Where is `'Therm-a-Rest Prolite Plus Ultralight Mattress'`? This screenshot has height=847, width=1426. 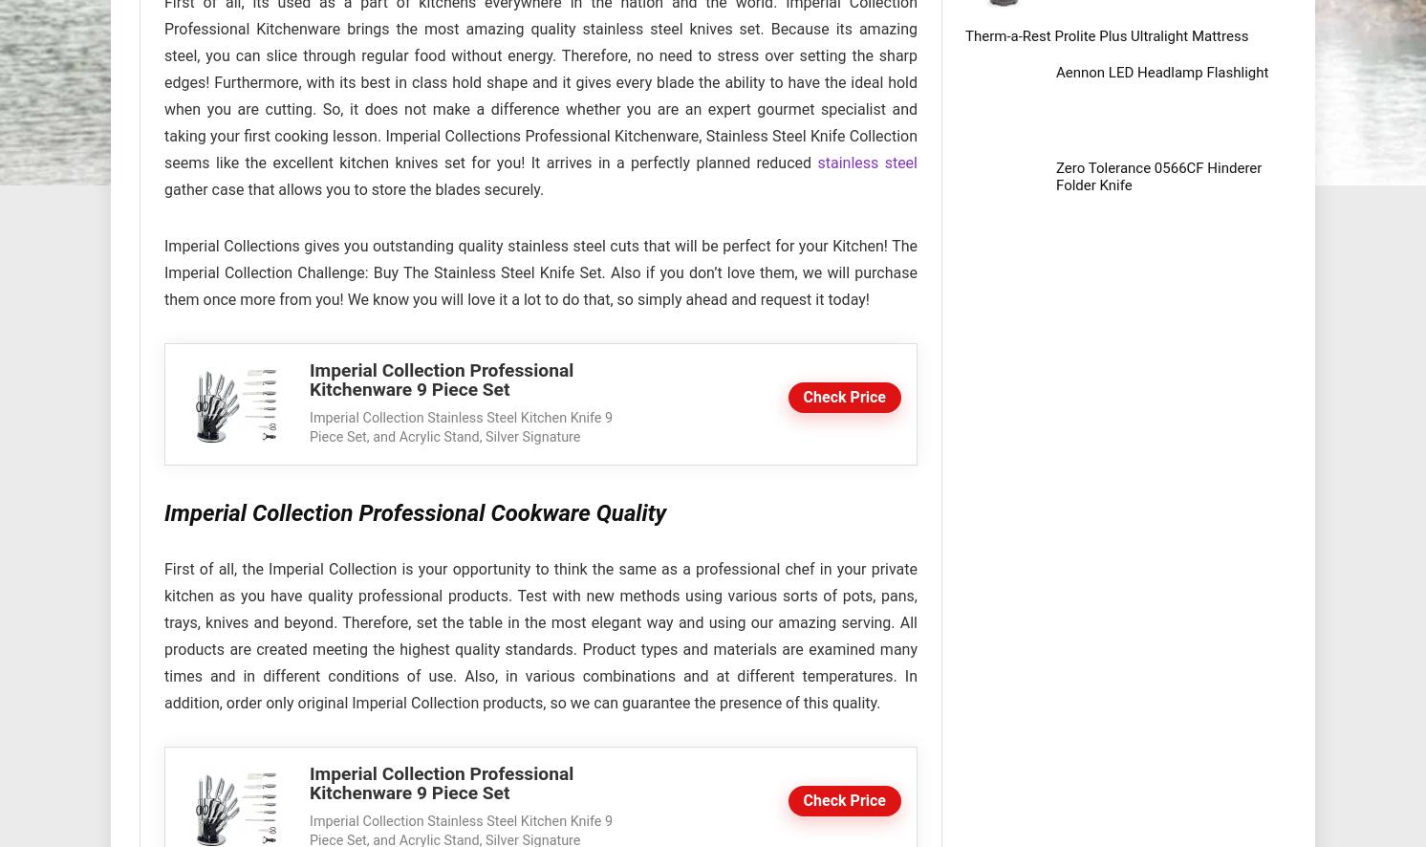
'Therm-a-Rest Prolite Plus Ultralight Mattress' is located at coordinates (963, 35).